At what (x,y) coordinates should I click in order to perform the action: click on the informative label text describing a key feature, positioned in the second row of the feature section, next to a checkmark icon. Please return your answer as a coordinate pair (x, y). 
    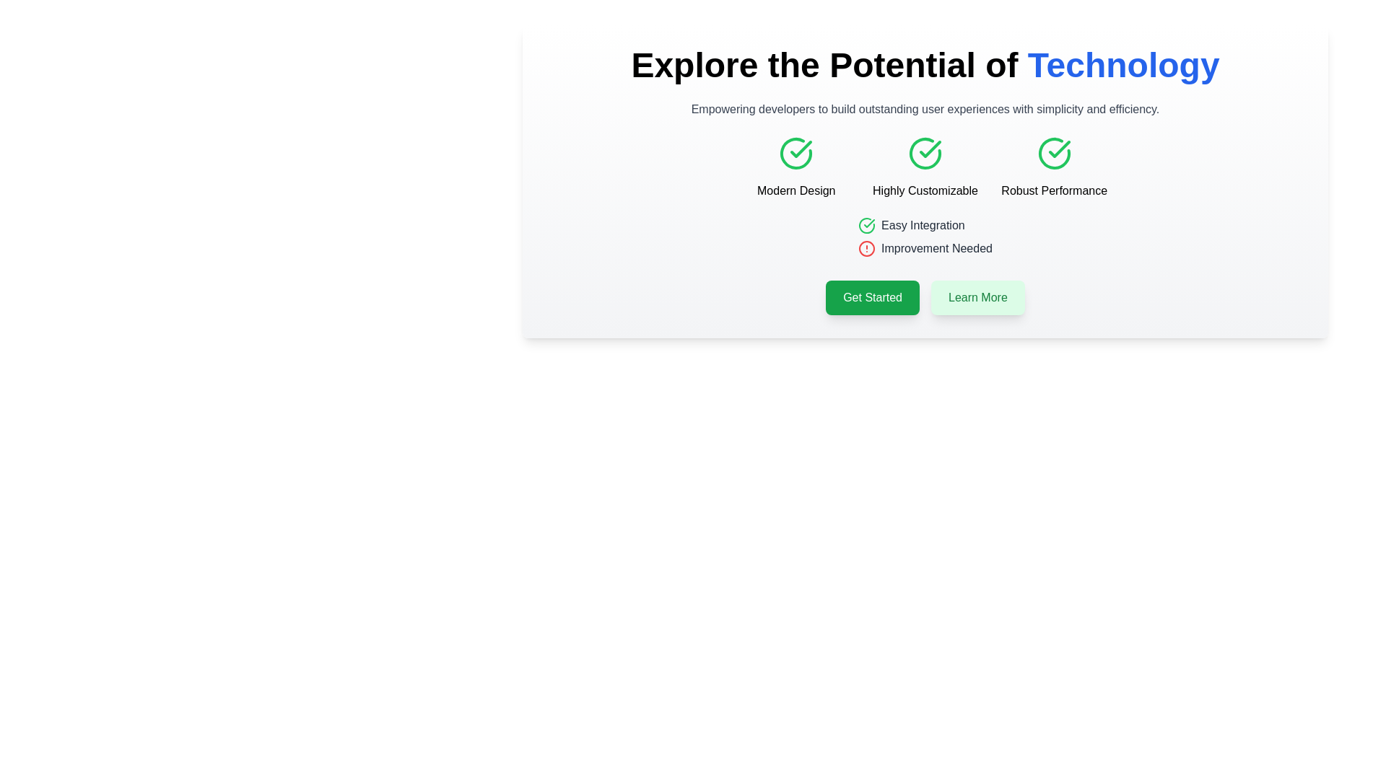
    Looking at the image, I should click on (922, 225).